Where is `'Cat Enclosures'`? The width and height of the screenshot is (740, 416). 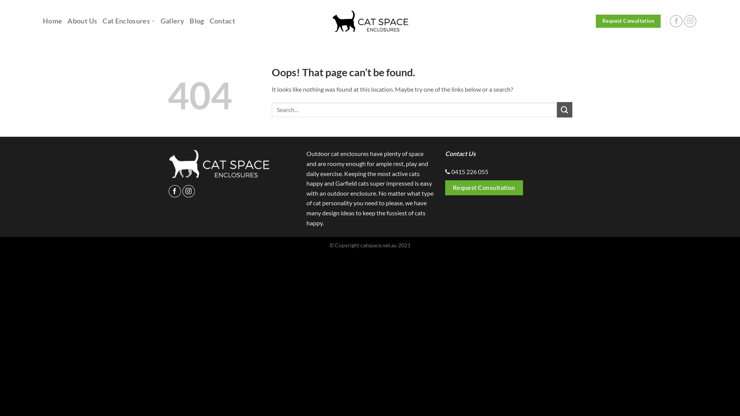 'Cat Enclosures' is located at coordinates (129, 20).